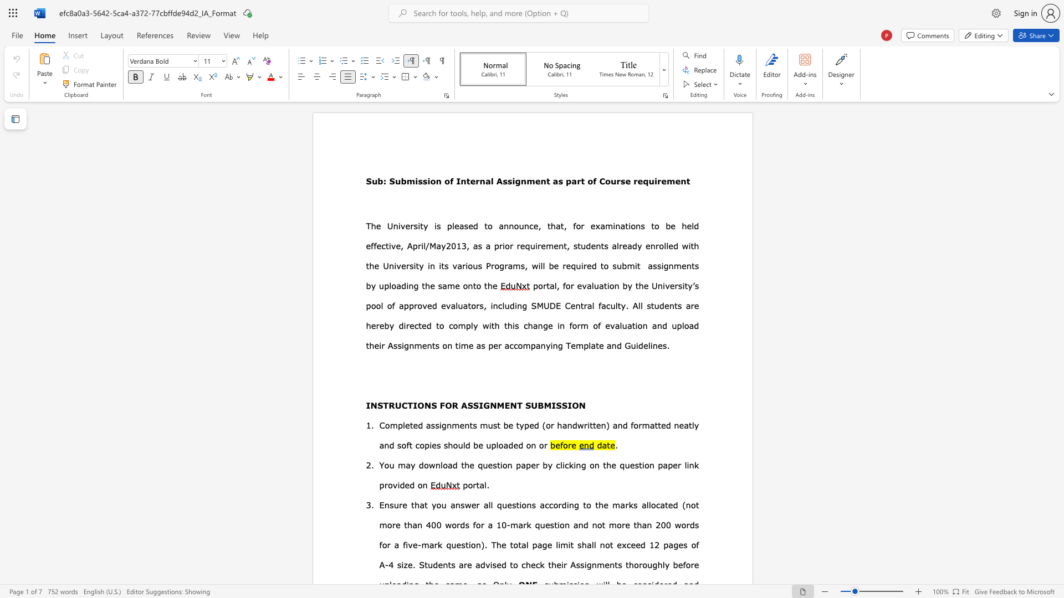 This screenshot has width=1064, height=598. Describe the element at coordinates (668, 544) in the screenshot. I see `the subset text "ages of" within the text "pages of A-4 size."` at that location.